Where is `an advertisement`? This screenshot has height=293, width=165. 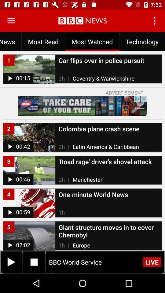 an advertisement is located at coordinates (82, 106).